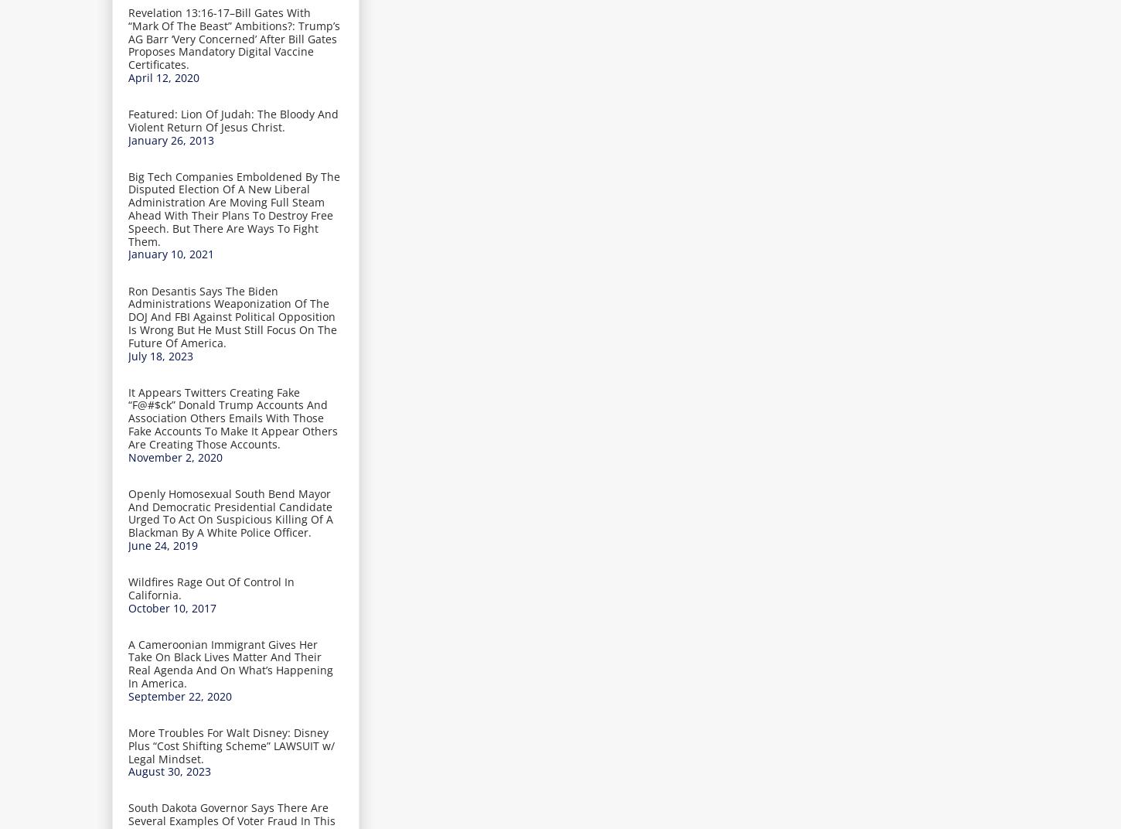 This screenshot has height=829, width=1121. Describe the element at coordinates (170, 138) in the screenshot. I see `'January 26, 2013'` at that location.